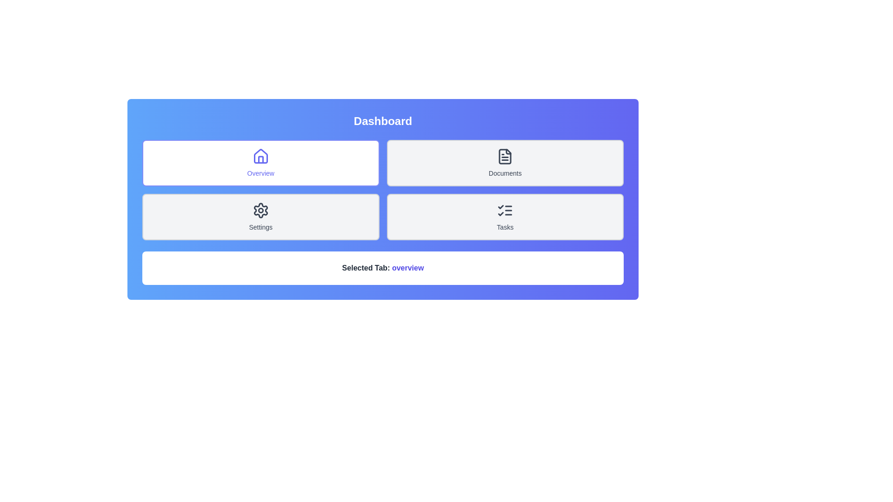  Describe the element at coordinates (260, 173) in the screenshot. I see `the text label displaying 'Overview' in capitalized indigo font located at the bottom section of the card in the top-left corner of the interface` at that location.